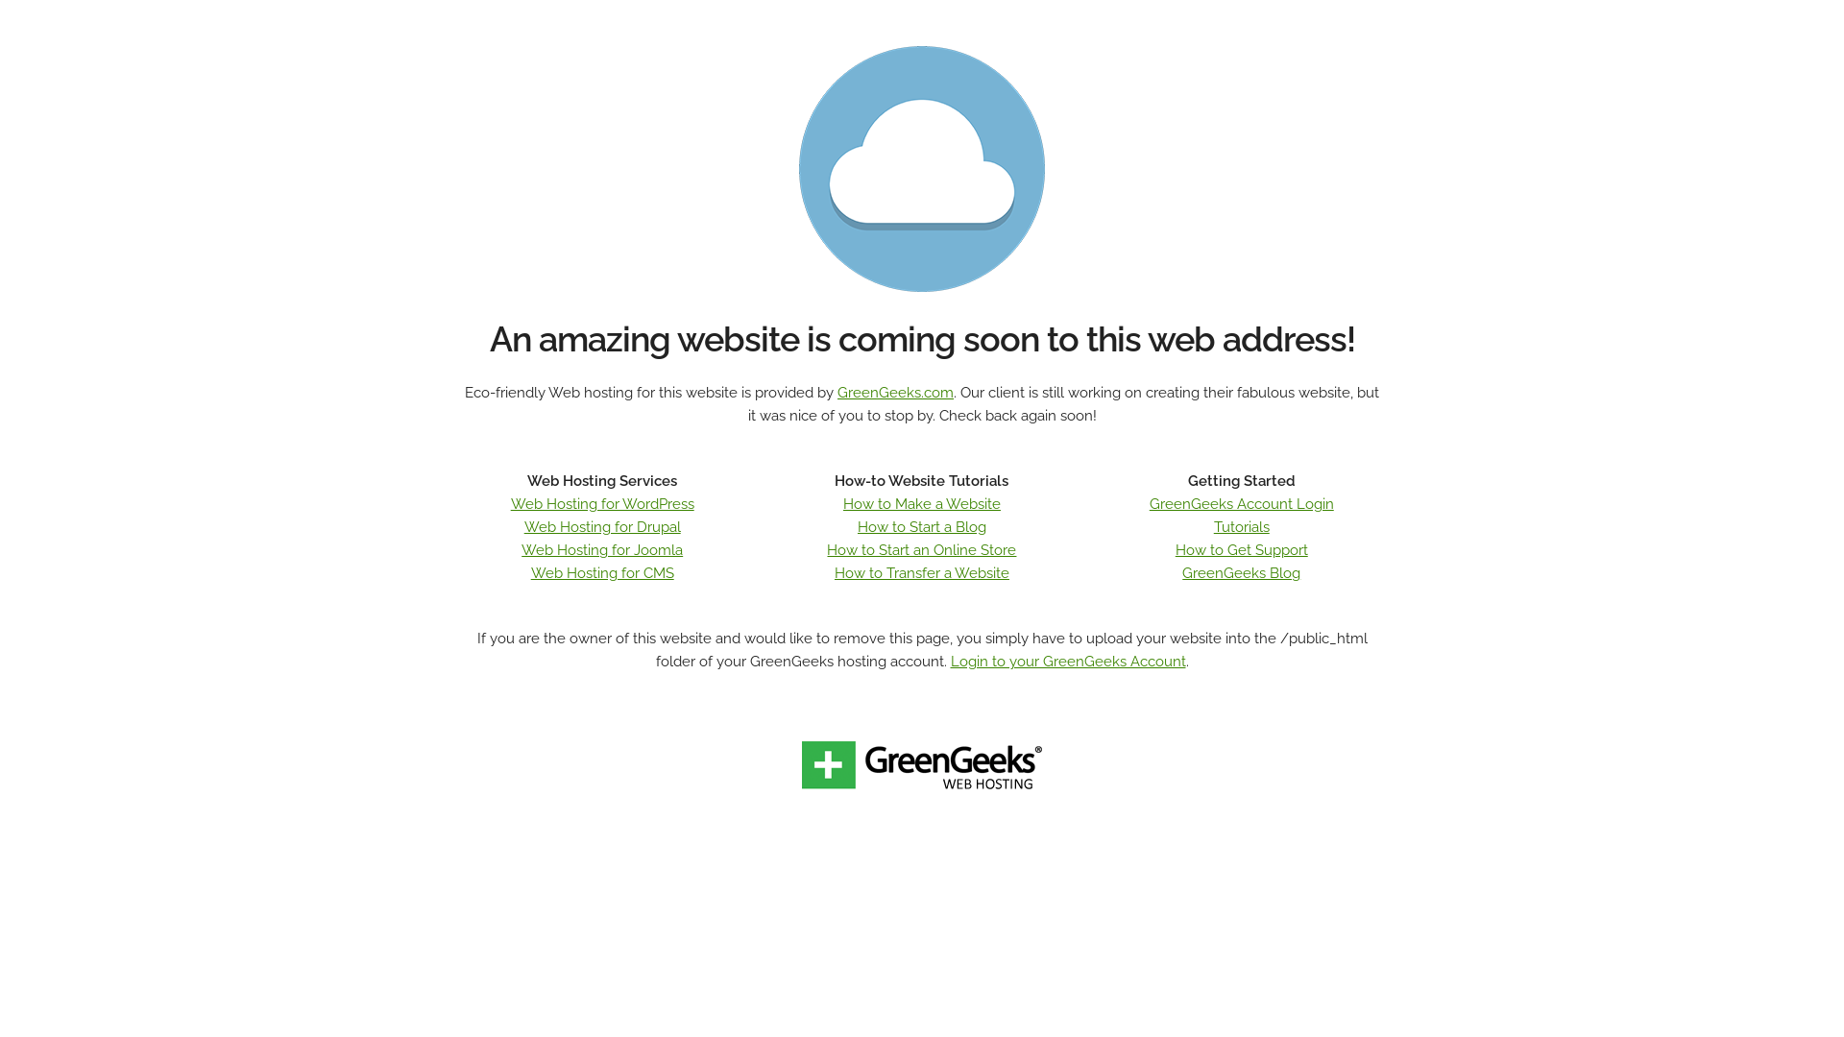  Describe the element at coordinates (920, 550) in the screenshot. I see `'How to Start an Online Store'` at that location.